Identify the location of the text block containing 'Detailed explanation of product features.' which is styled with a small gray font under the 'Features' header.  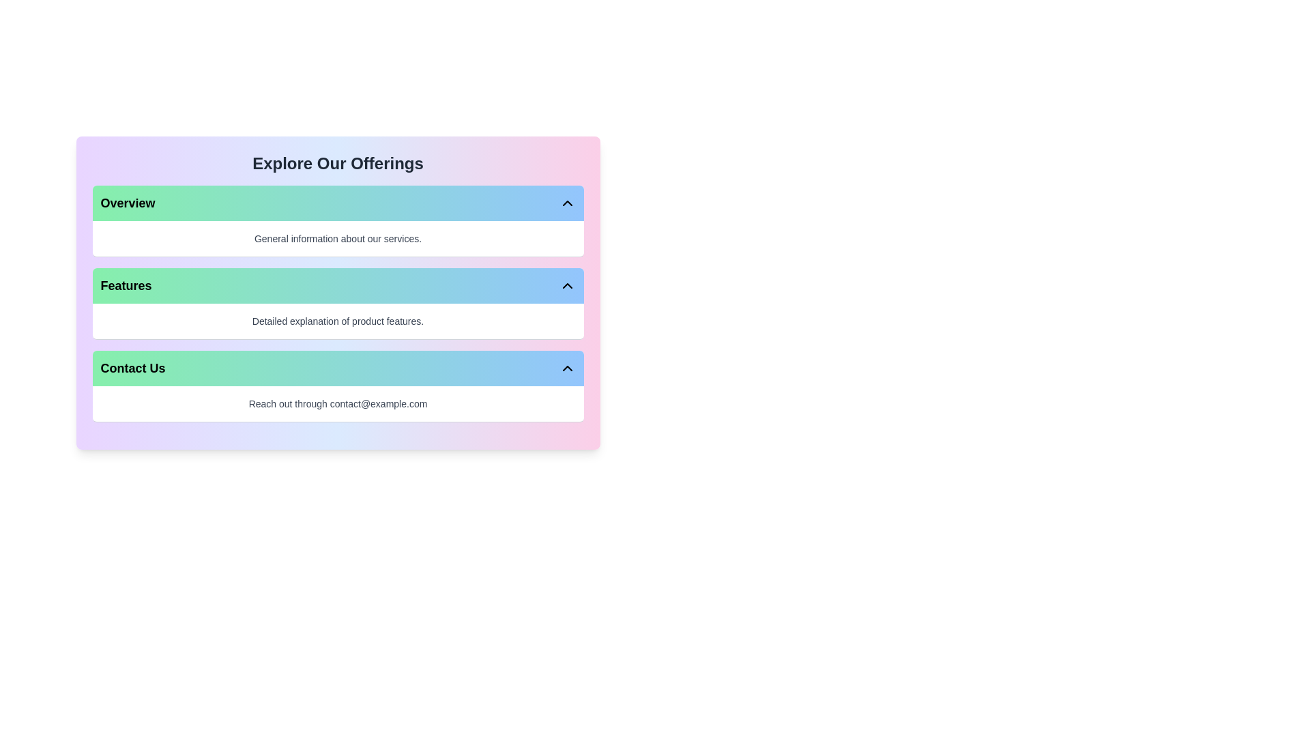
(338, 321).